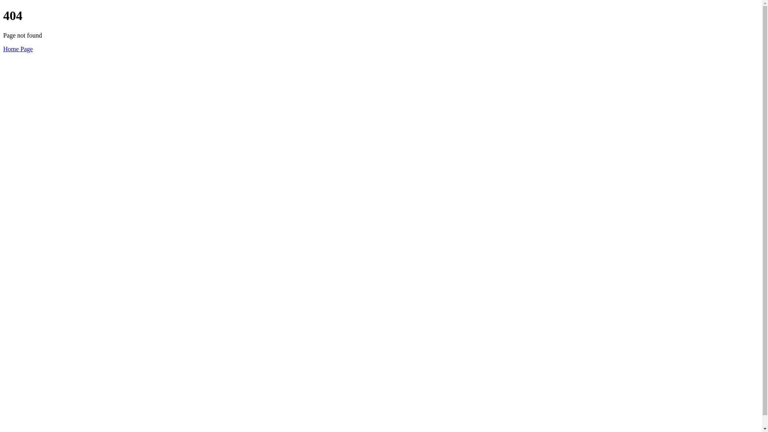  What do you see at coordinates (3, 49) in the screenshot?
I see `'Home Page'` at bounding box center [3, 49].